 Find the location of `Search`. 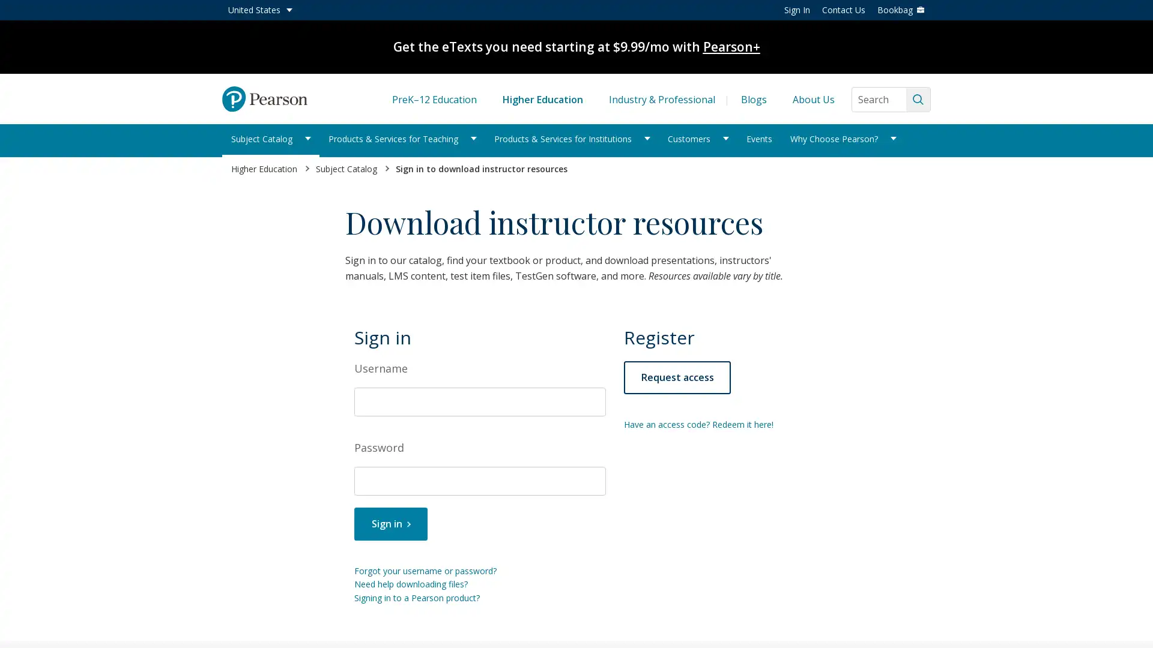

Search is located at coordinates (918, 98).